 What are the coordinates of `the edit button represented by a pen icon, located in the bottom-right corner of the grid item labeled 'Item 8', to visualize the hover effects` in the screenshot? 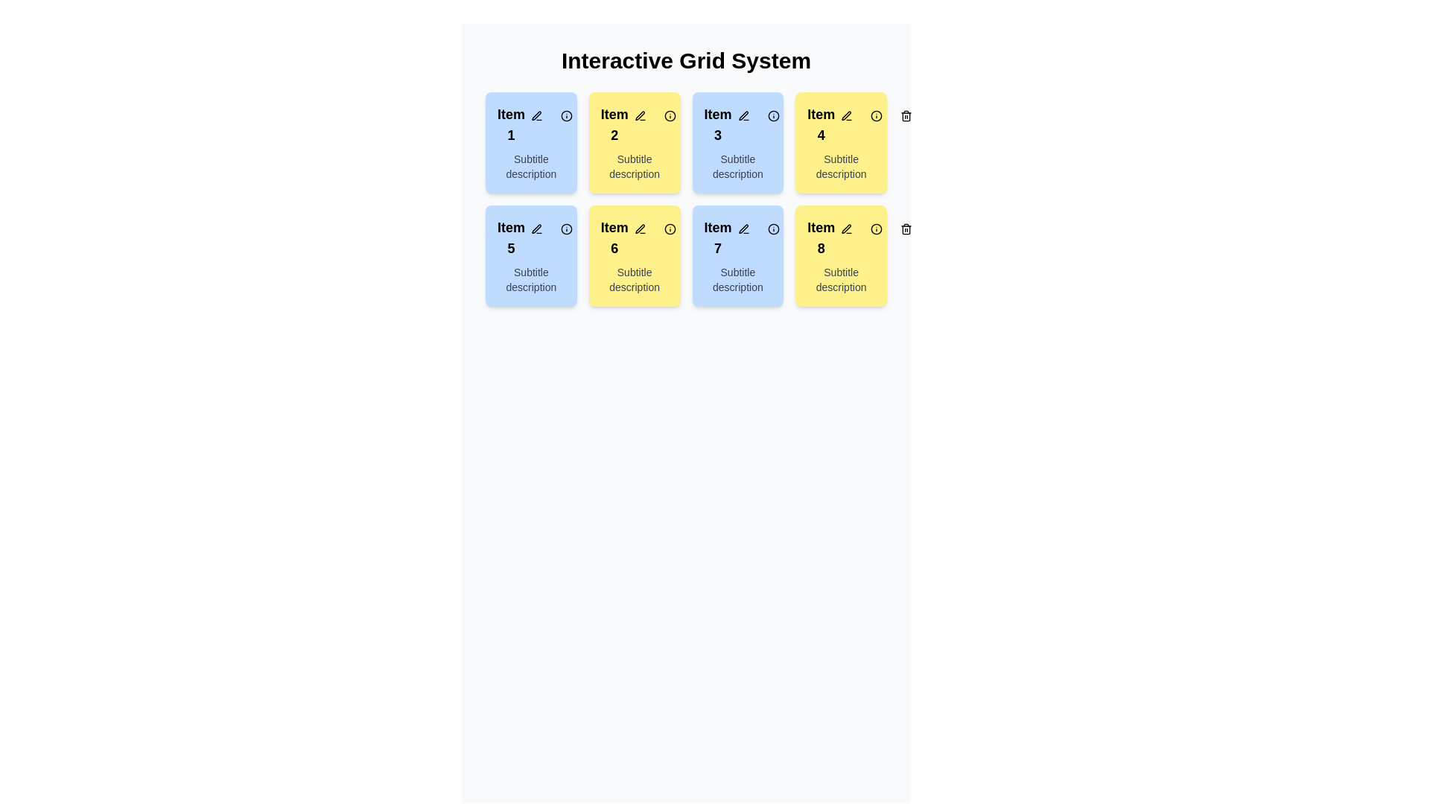 It's located at (847, 229).